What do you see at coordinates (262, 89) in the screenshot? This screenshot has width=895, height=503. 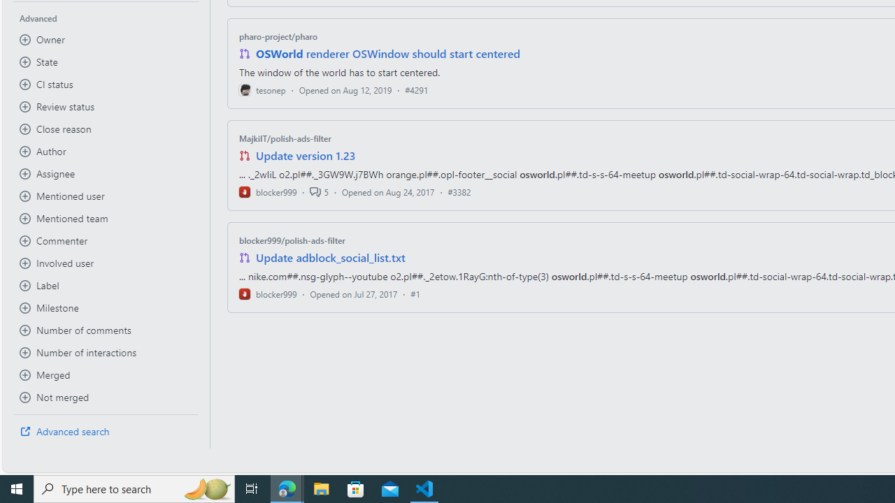 I see `'tesonep'` at bounding box center [262, 89].